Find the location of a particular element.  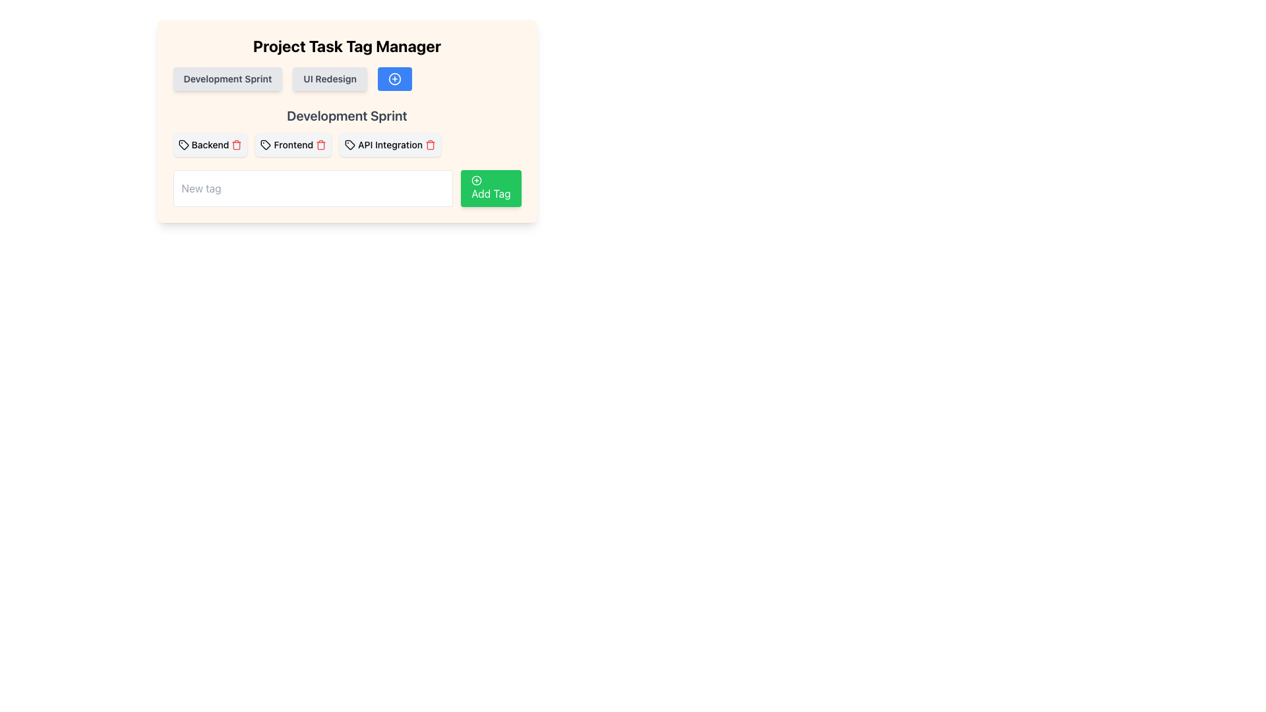

the delete icon associated with the third label under 'Development Sprint' is located at coordinates (390, 144).